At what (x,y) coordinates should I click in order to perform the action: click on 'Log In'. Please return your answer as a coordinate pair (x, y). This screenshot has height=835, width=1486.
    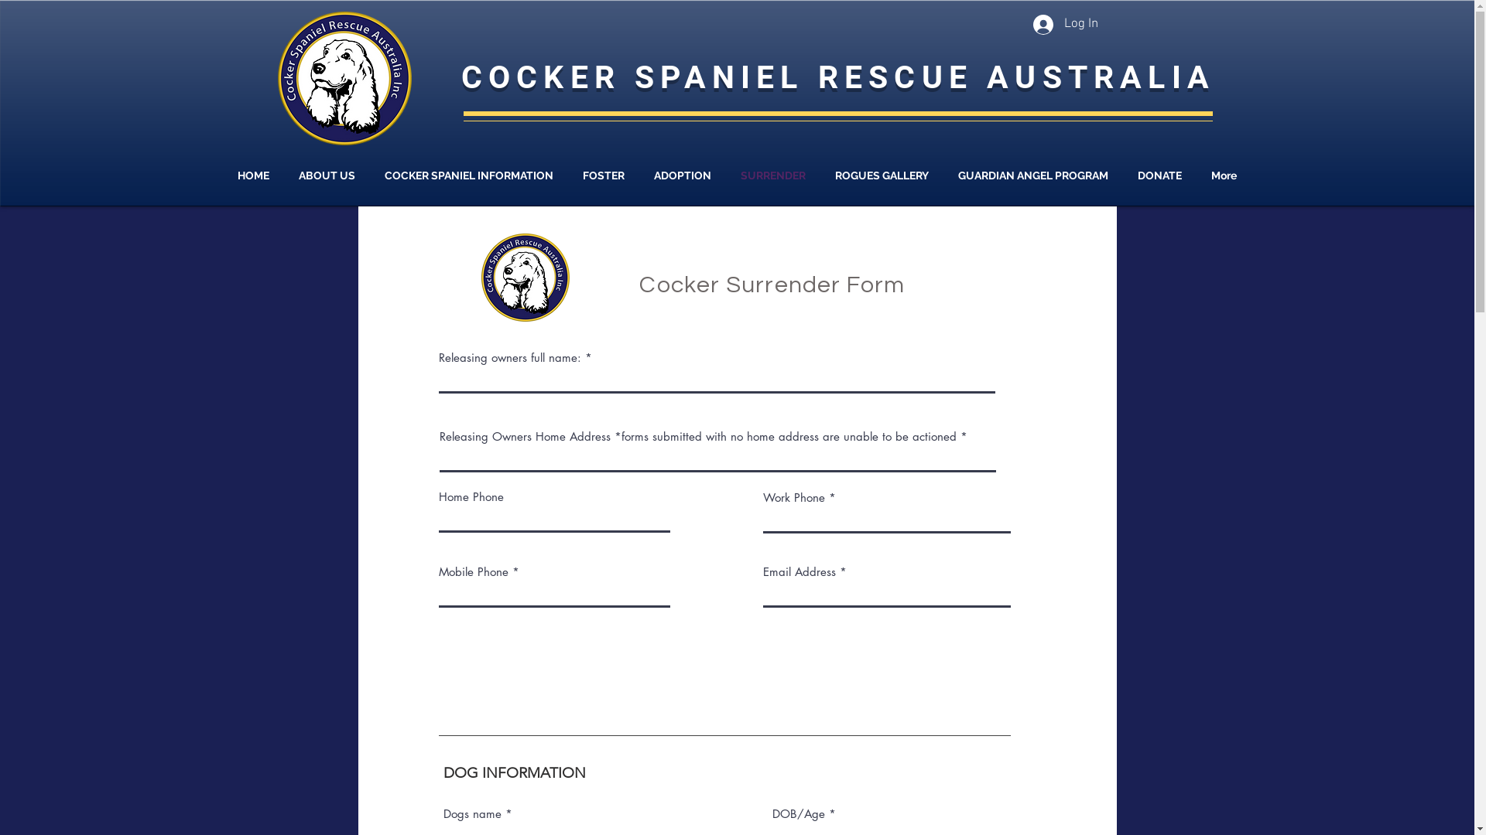
    Looking at the image, I should click on (1064, 24).